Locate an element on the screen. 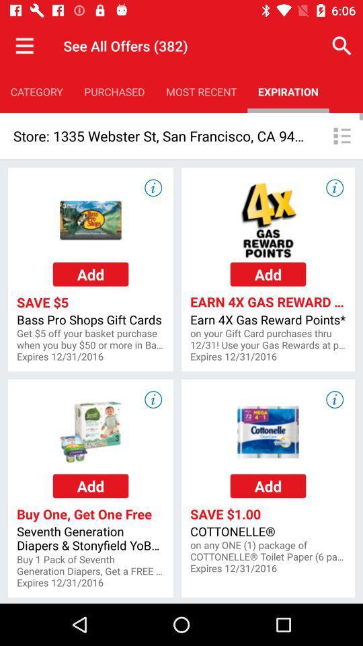  the item next to the see all offers item is located at coordinates (24, 46).